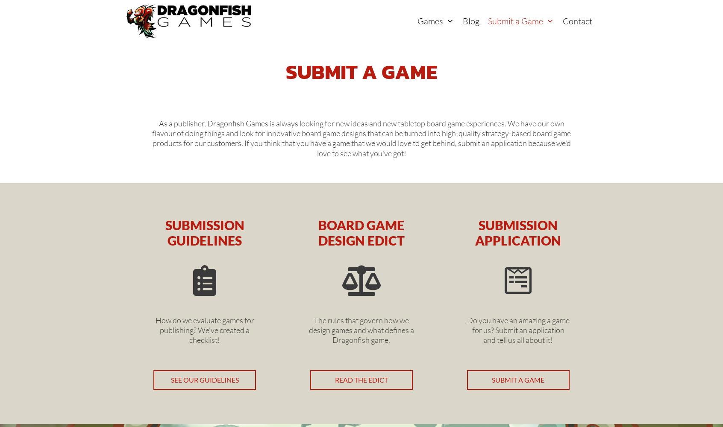  Describe the element at coordinates (475, 233) in the screenshot. I see `'Submission Application'` at that location.